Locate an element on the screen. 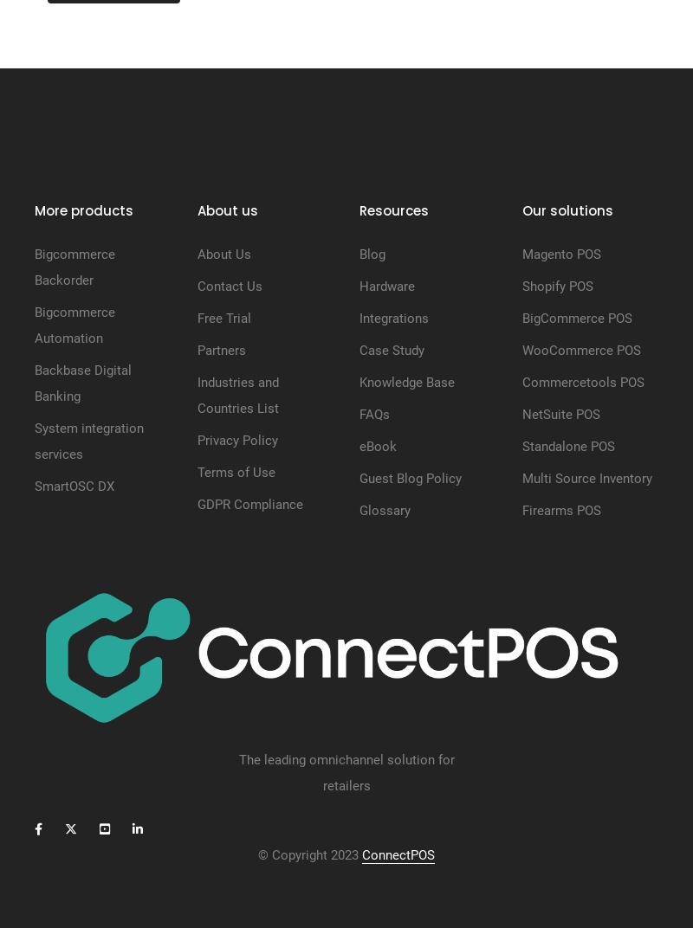 The image size is (693, 928). 'WooCommerce POS' is located at coordinates (521, 349).